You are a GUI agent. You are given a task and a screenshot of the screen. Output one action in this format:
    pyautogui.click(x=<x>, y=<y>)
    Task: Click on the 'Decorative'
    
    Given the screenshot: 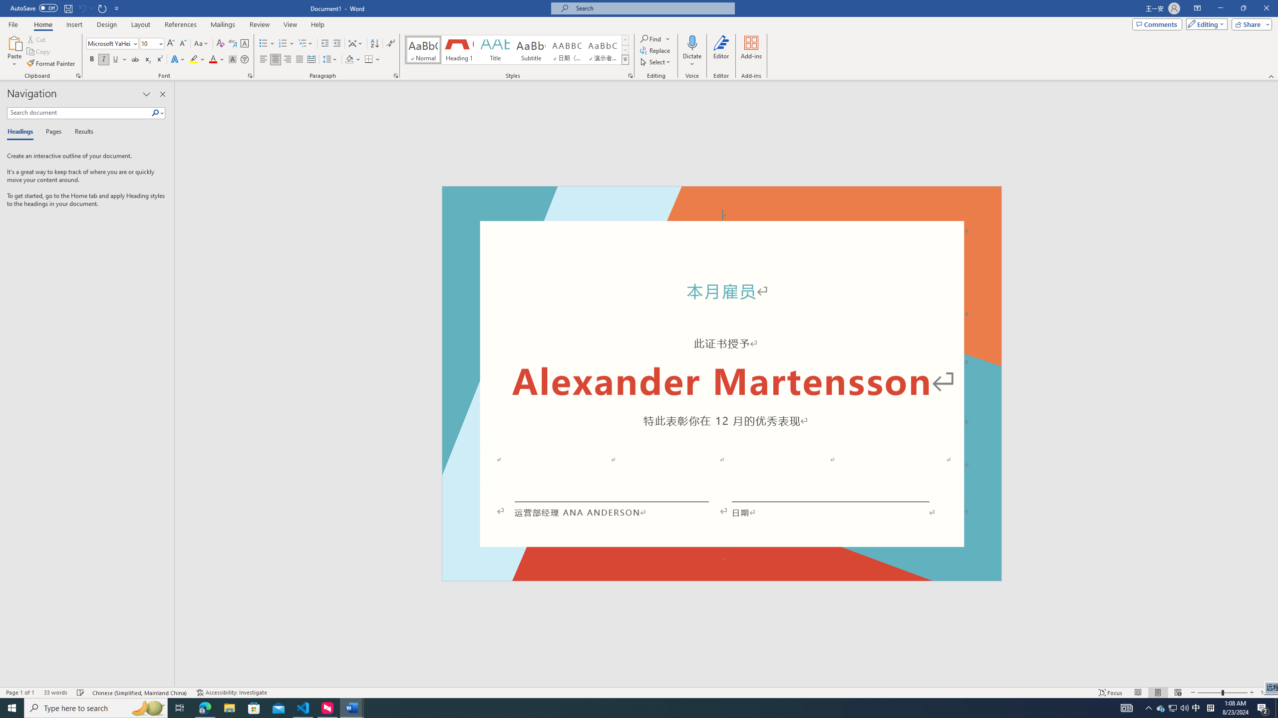 What is the action you would take?
    pyautogui.click(x=722, y=383)
    